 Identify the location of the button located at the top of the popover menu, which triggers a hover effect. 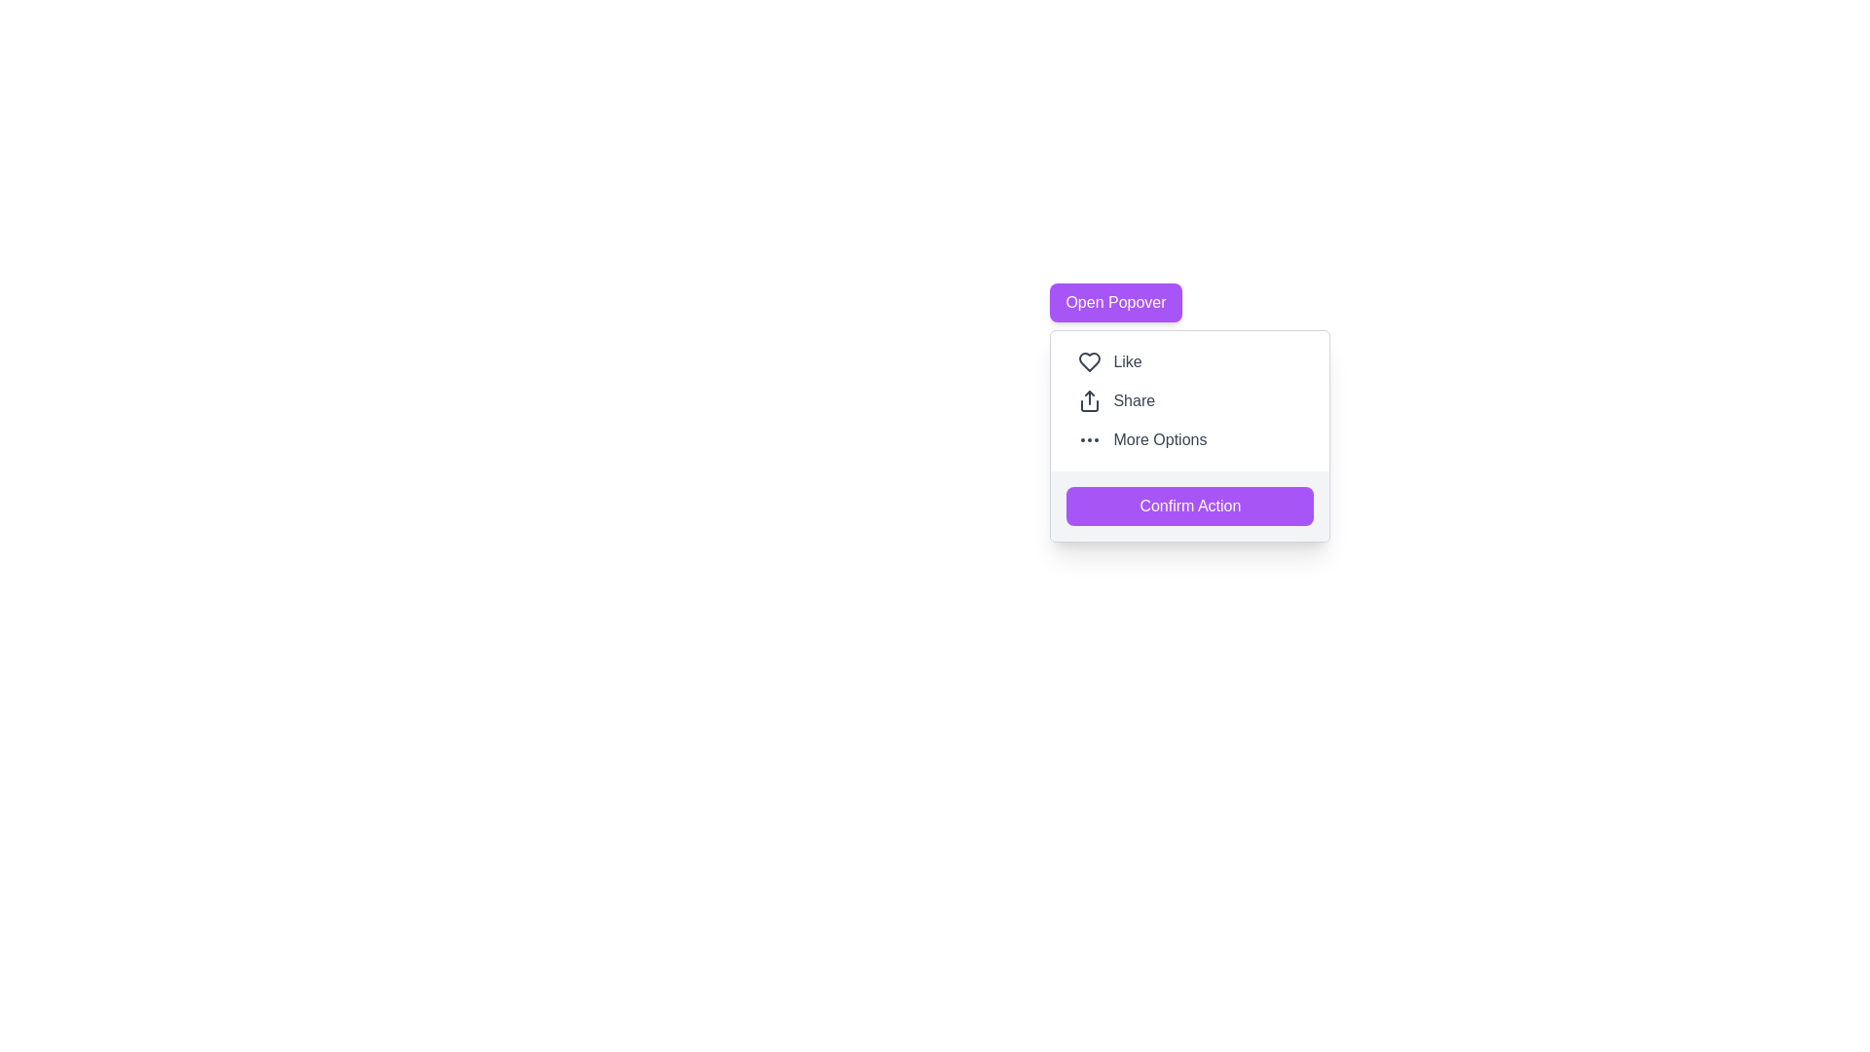
(1116, 303).